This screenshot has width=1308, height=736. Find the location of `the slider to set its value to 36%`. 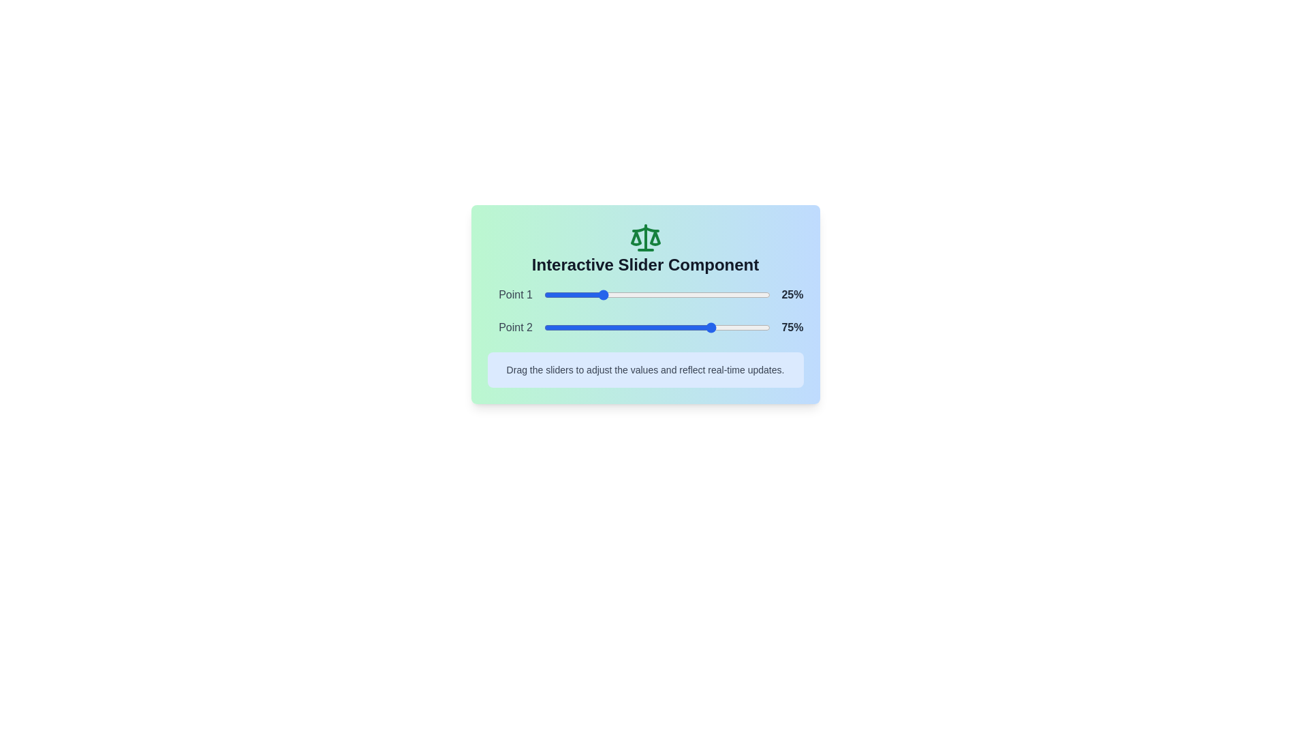

the slider to set its value to 36% is located at coordinates (625, 294).